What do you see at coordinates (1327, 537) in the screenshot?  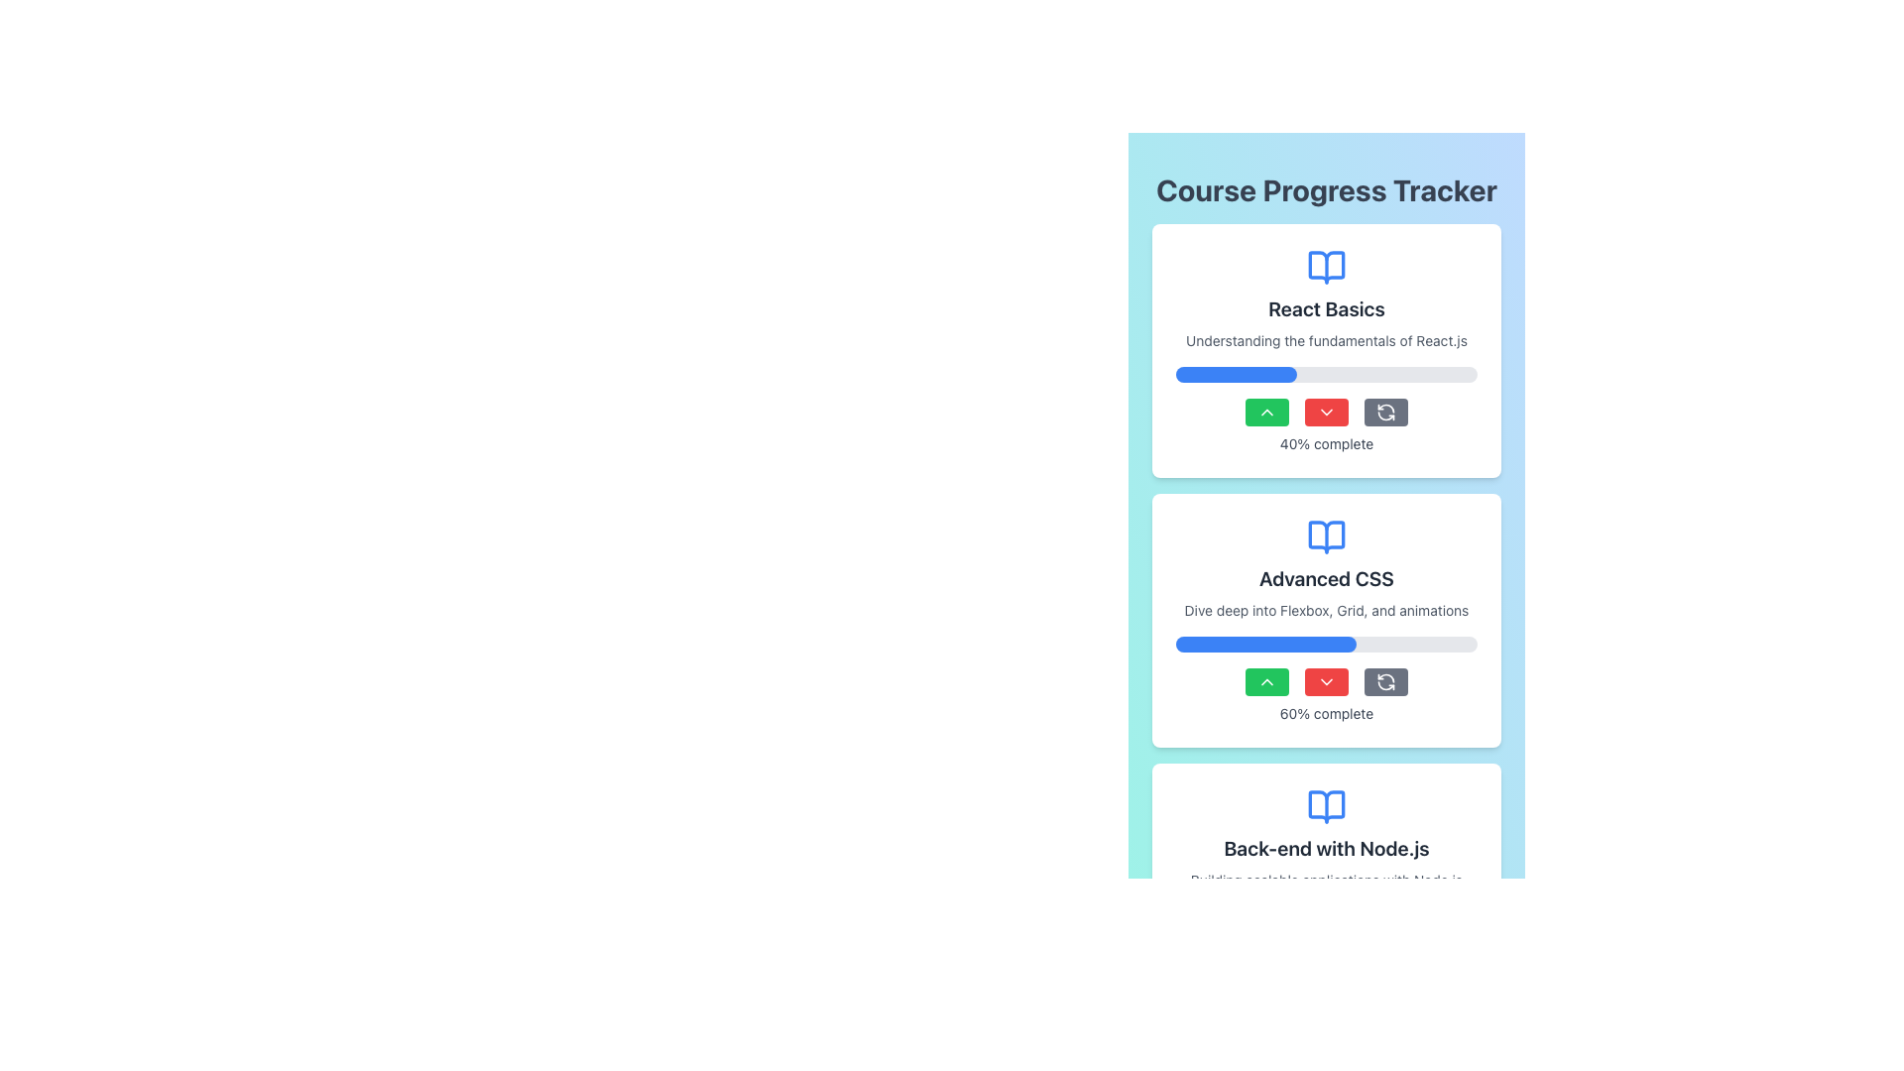 I see `the decorative icon representing the 'Advanced CSS' course section, which is located at the top of the section card between the title and the upper border` at bounding box center [1327, 537].